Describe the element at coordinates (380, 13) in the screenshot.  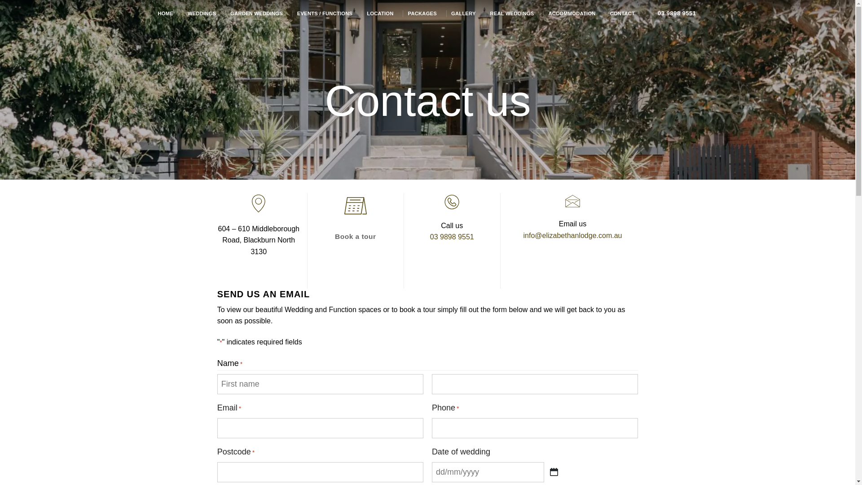
I see `'LOCATION'` at that location.